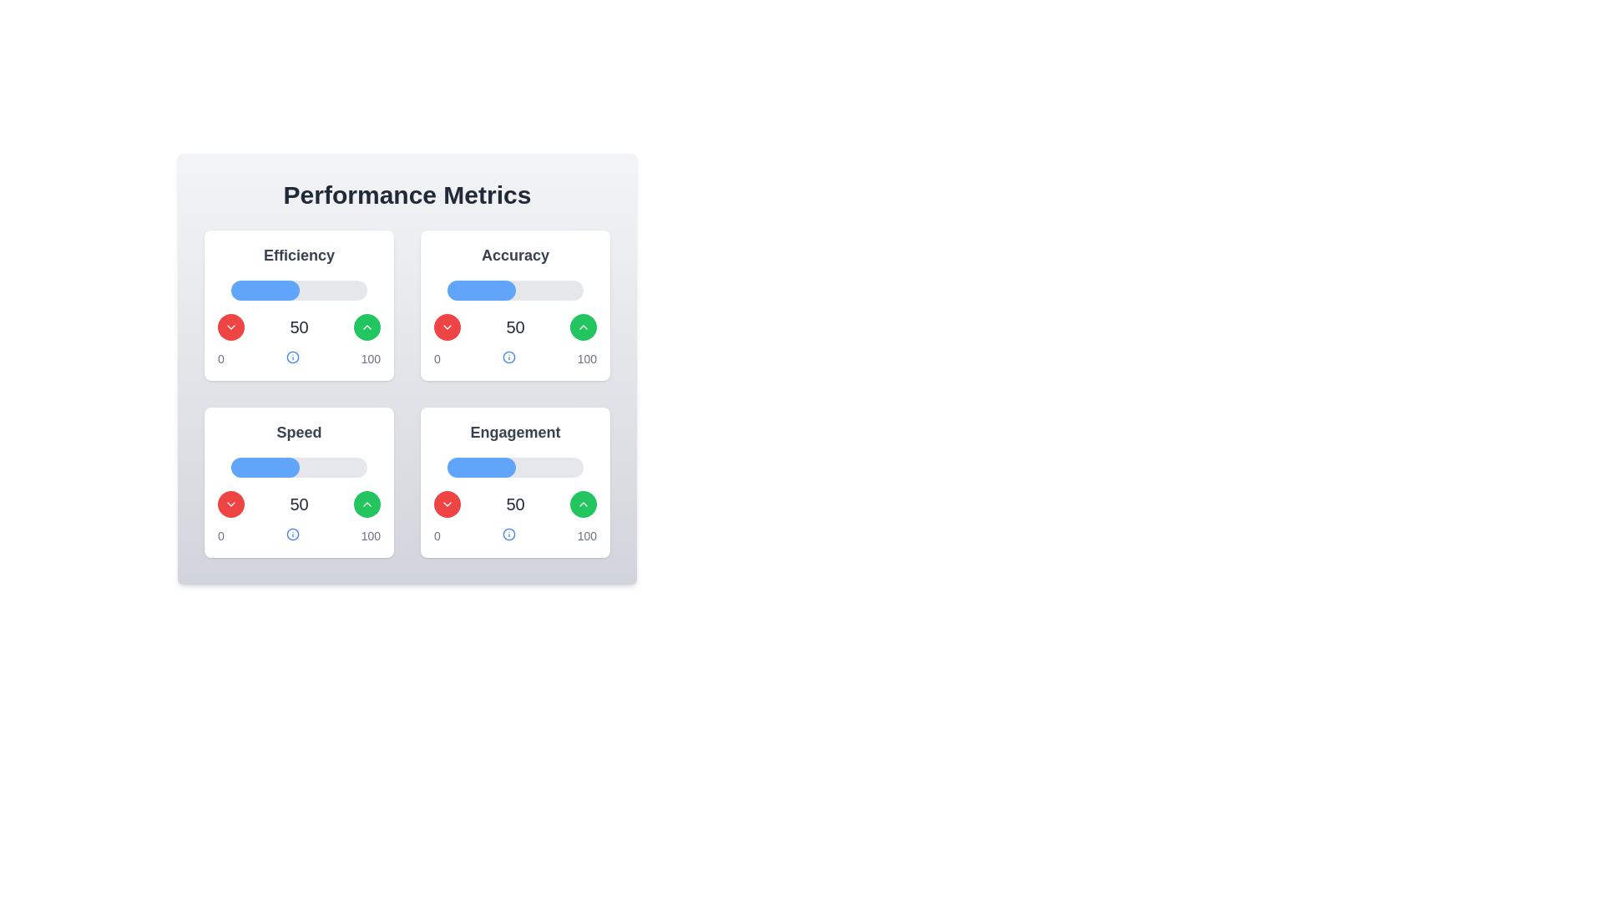 The image size is (1603, 902). What do you see at coordinates (514, 289) in the screenshot?
I see `the horizontal progress bar under the title 'Accuracy' in the top-right card of the performance metrics grid` at bounding box center [514, 289].